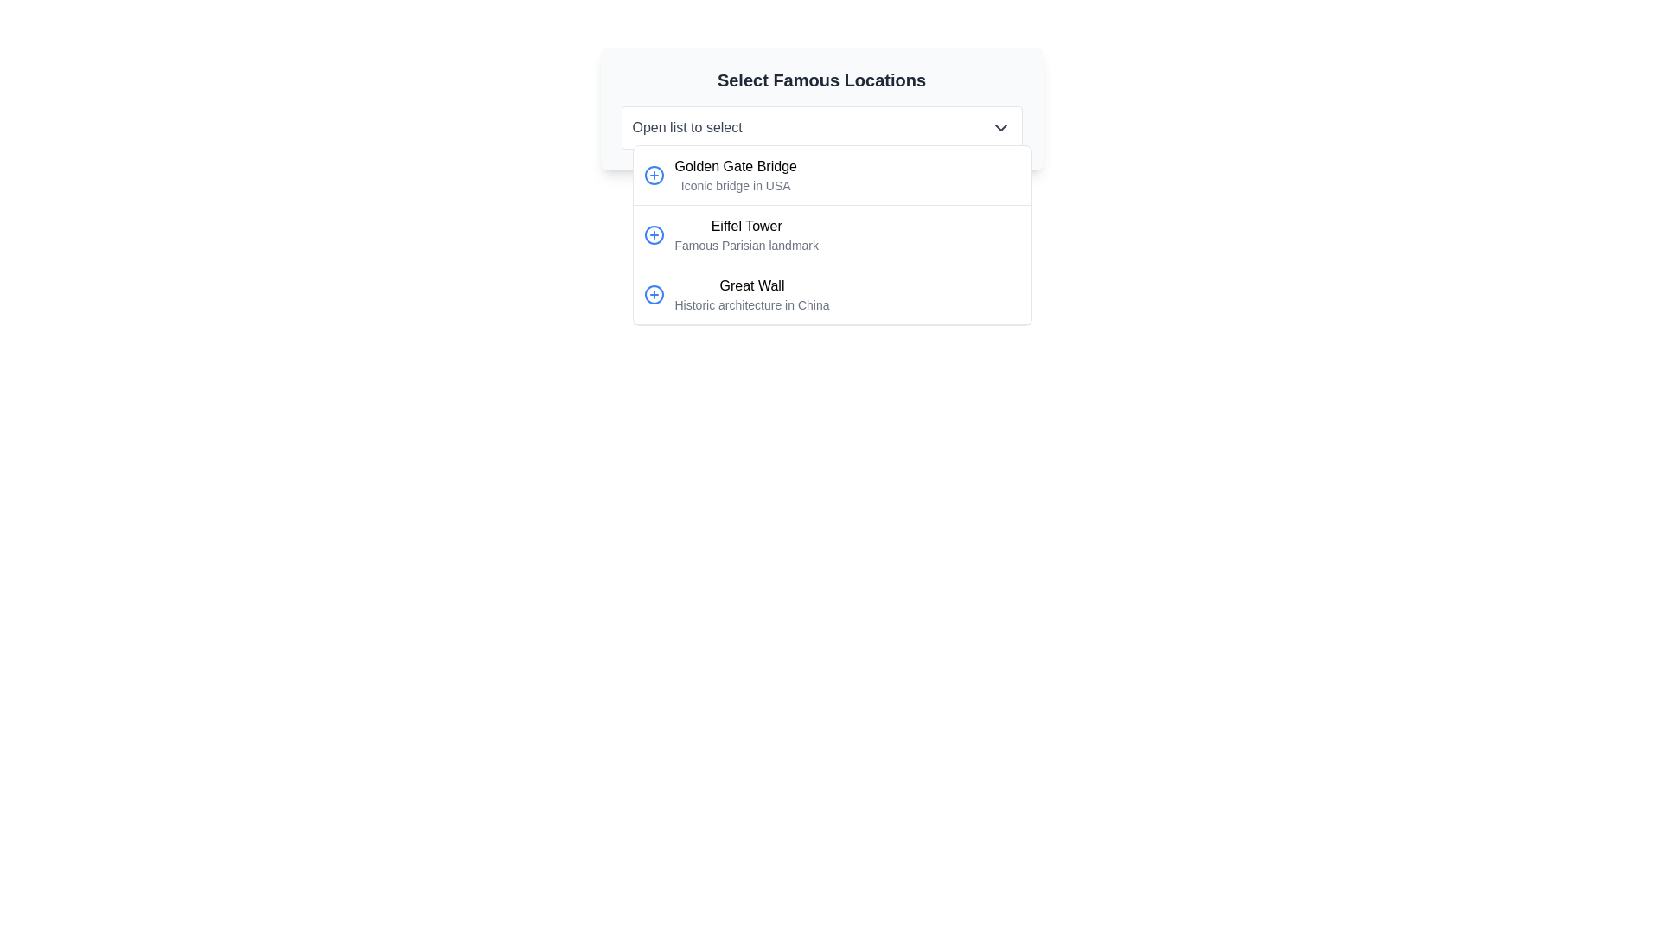  I want to click on the list item displaying 'Great Wall' in the dropdown menu labeled 'Select Famous Locations', so click(832, 294).